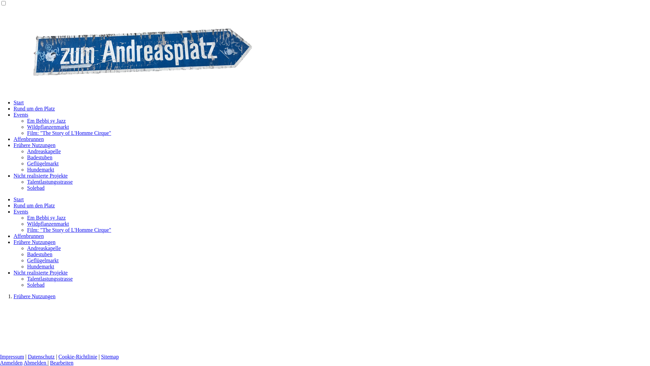  What do you see at coordinates (49, 181) in the screenshot?
I see `'Talentlastungsstrasse'` at bounding box center [49, 181].